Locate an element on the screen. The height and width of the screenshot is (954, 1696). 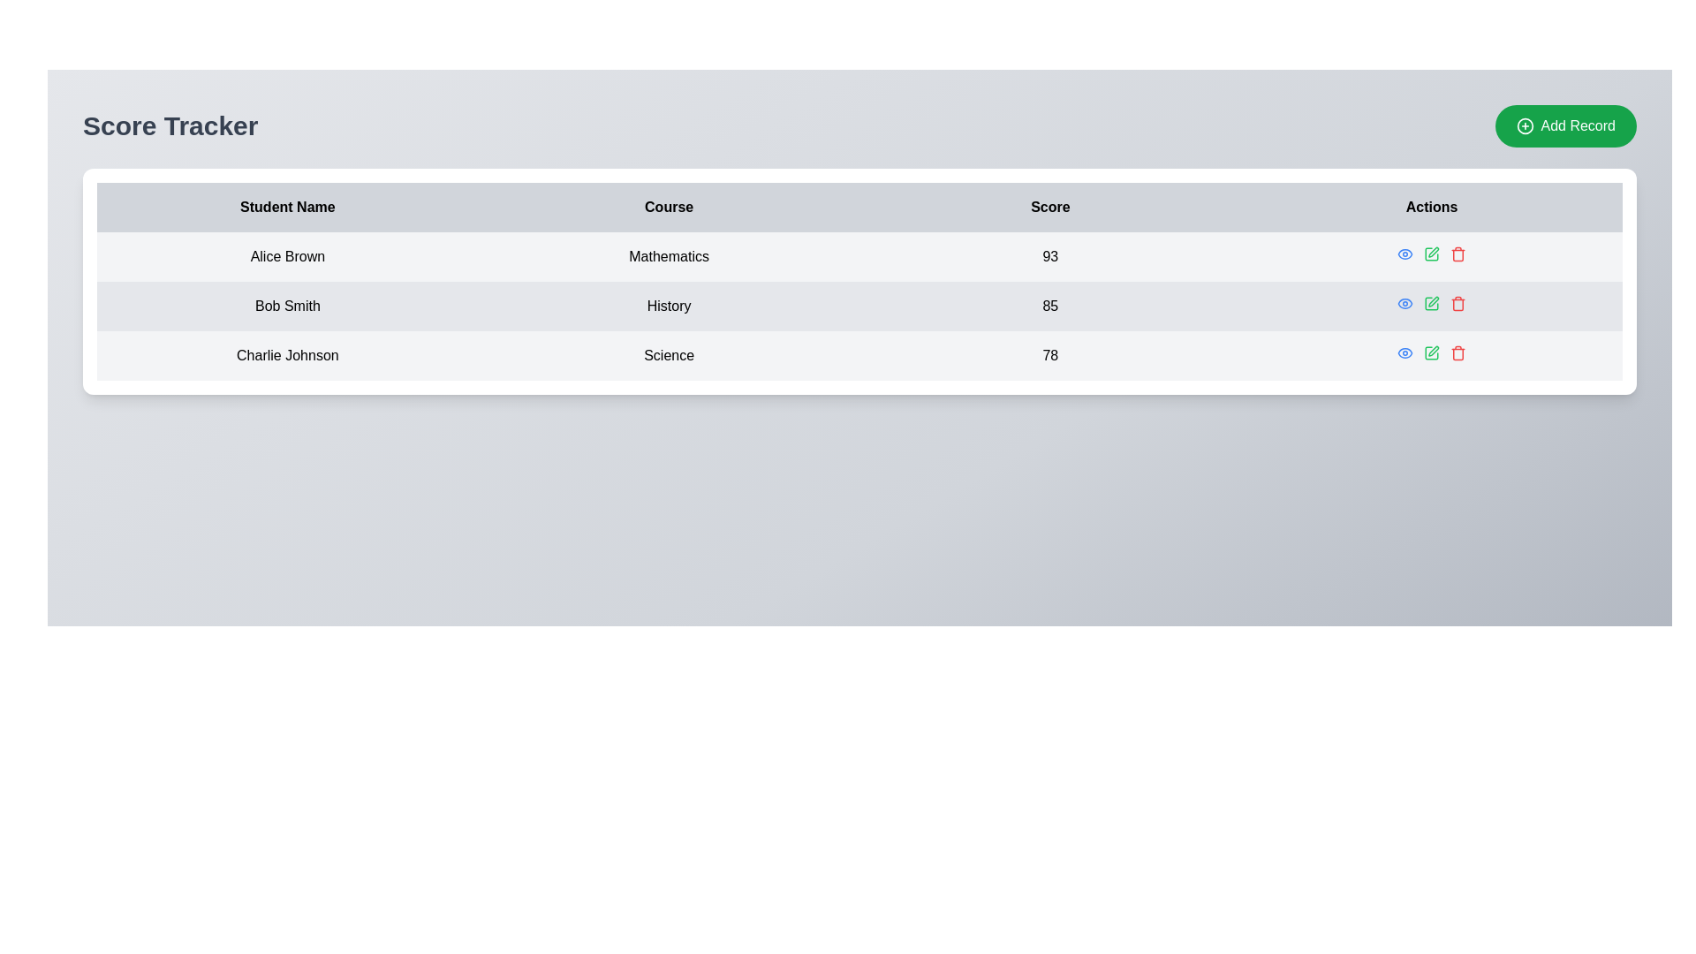
the trash can icon located in the 'Actions' column under 'Bob Smith's' record, which serves as a delete button is located at coordinates (1458, 304).